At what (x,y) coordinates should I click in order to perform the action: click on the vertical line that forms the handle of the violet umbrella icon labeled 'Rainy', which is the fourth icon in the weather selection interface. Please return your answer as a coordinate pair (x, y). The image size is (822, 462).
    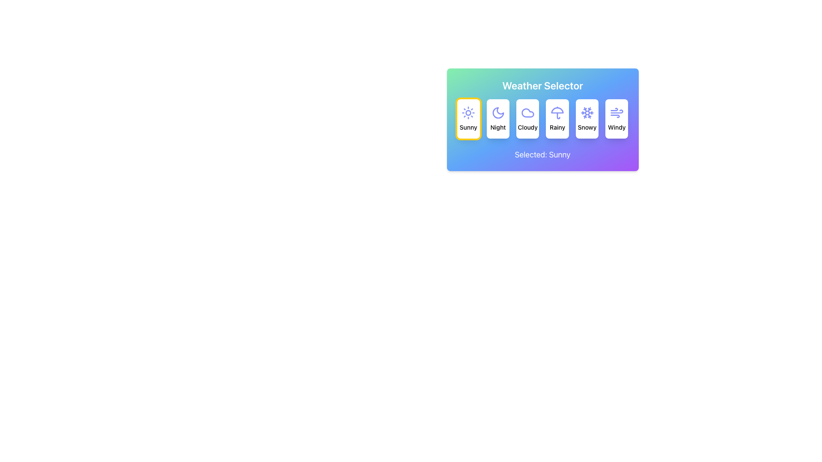
    Looking at the image, I should click on (558, 115).